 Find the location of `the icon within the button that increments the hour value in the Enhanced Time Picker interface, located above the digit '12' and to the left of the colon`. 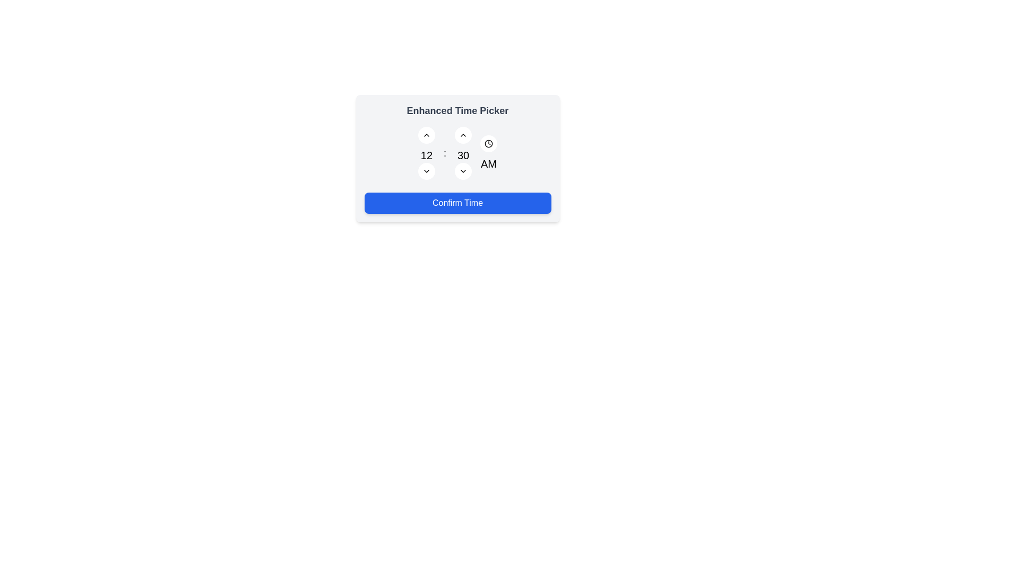

the icon within the button that increments the hour value in the Enhanced Time Picker interface, located above the digit '12' and to the left of the colon is located at coordinates (463, 134).